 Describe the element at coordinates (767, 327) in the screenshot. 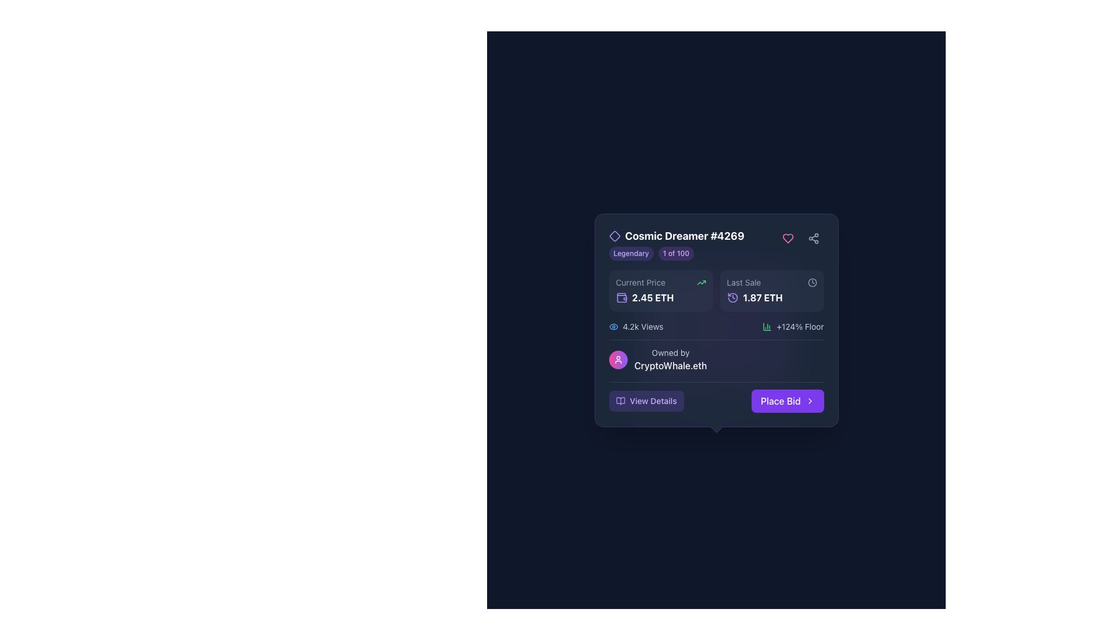

I see `leftmost vertical green bar of the column chart icon located at the top-right corner of the card displaying 'Cosmic Dreamer #4269'` at that location.